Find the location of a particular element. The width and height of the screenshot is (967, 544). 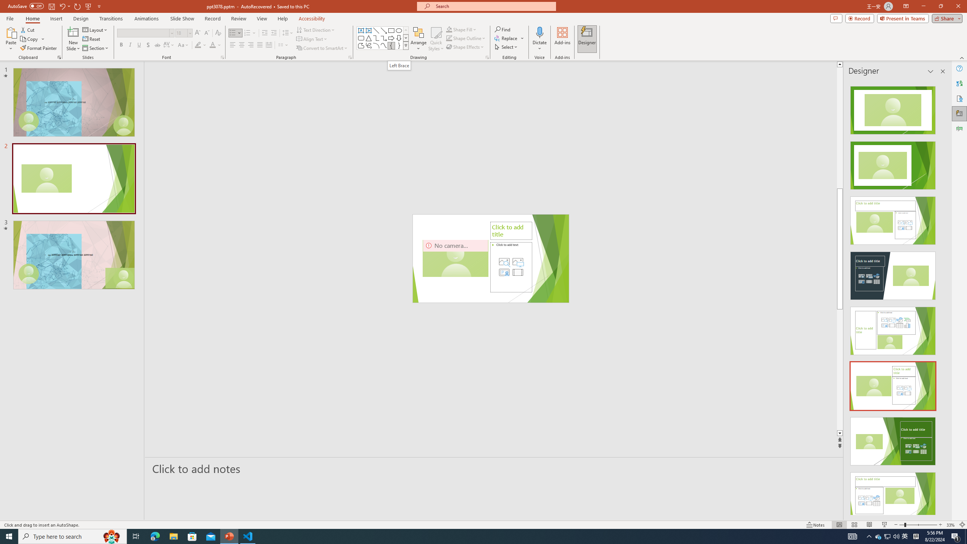

'Insert Video' is located at coordinates (517, 272).